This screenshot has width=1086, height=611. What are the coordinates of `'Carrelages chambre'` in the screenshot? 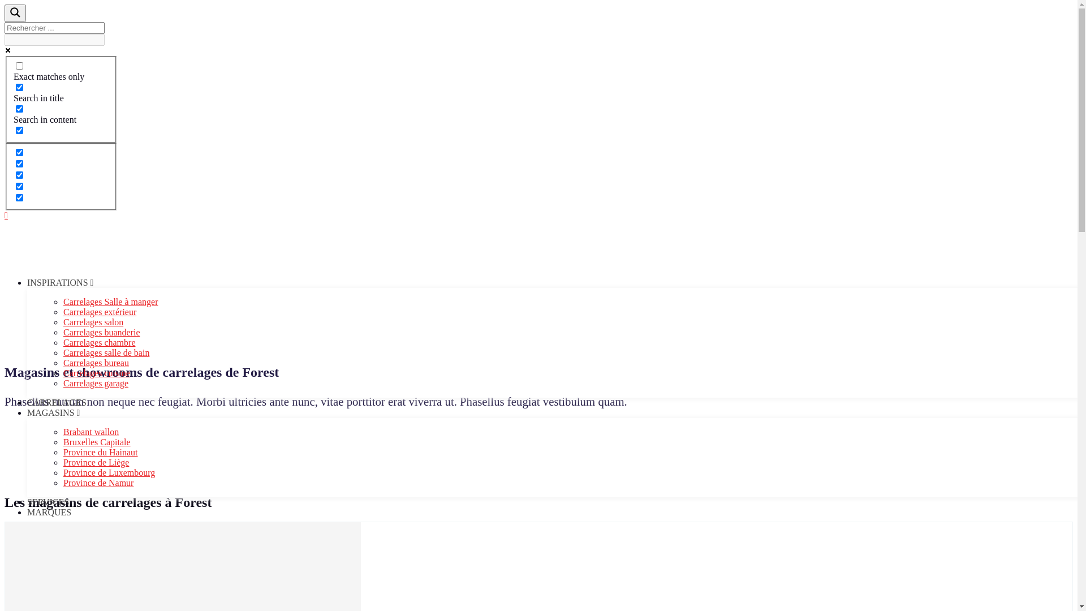 It's located at (62, 342).